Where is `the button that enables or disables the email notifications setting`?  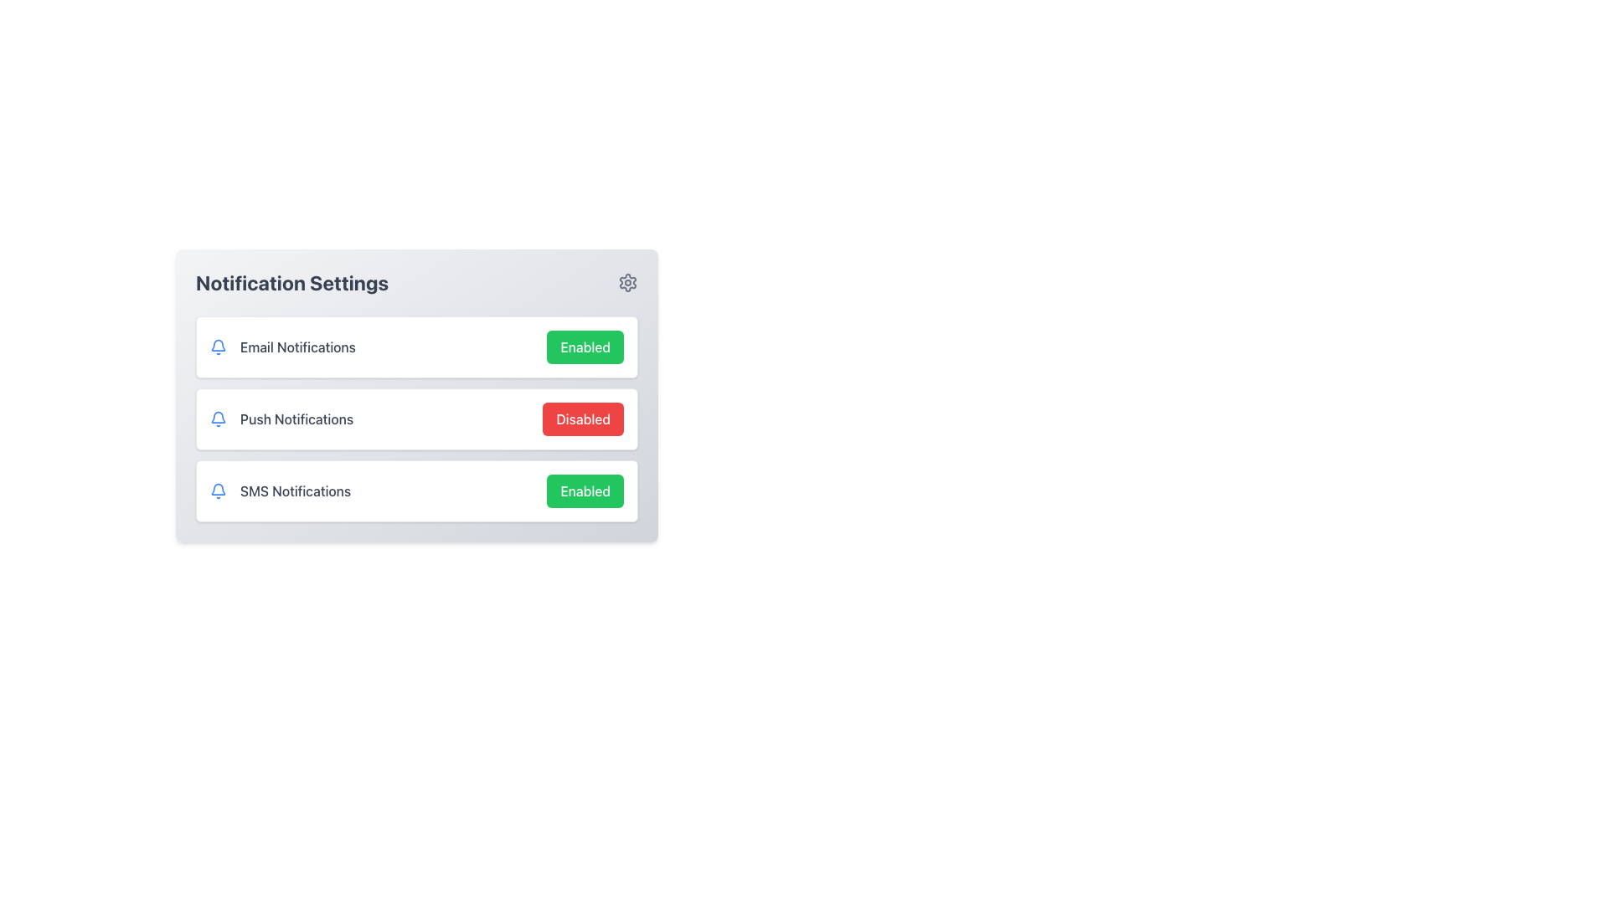 the button that enables or disables the email notifications setting is located at coordinates (585, 347).